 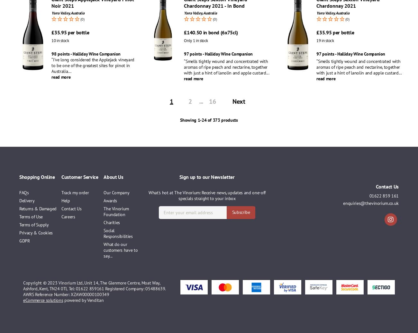 What do you see at coordinates (68, 216) in the screenshot?
I see `'Careers'` at bounding box center [68, 216].